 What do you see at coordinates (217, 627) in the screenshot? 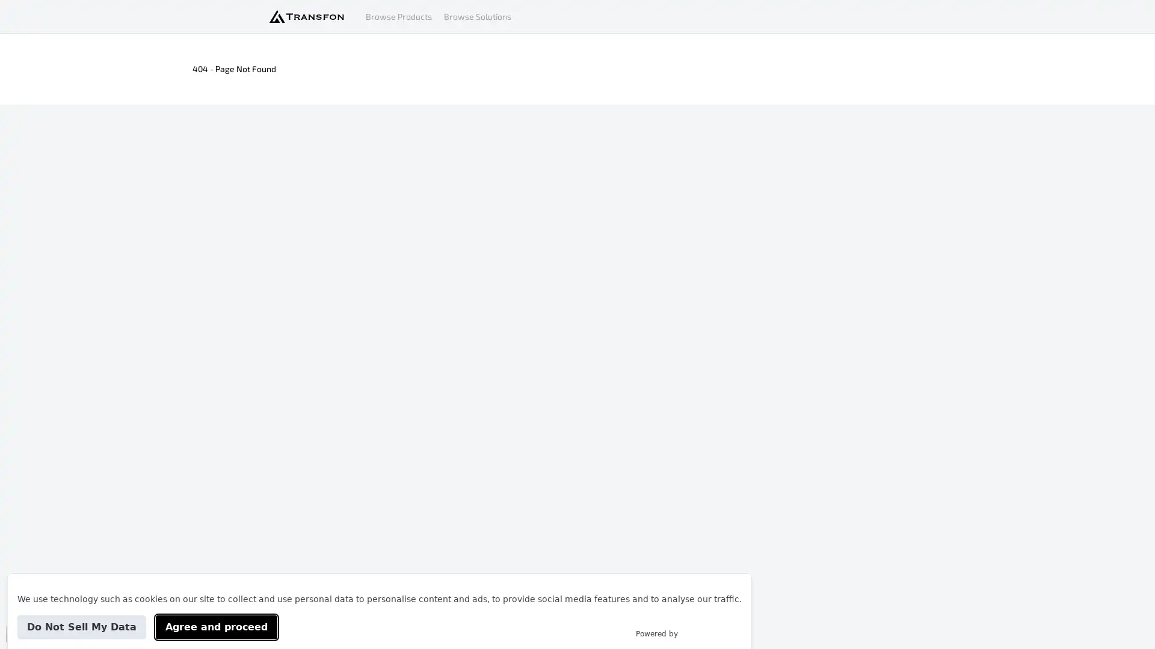
I see `Agree and proceed` at bounding box center [217, 627].